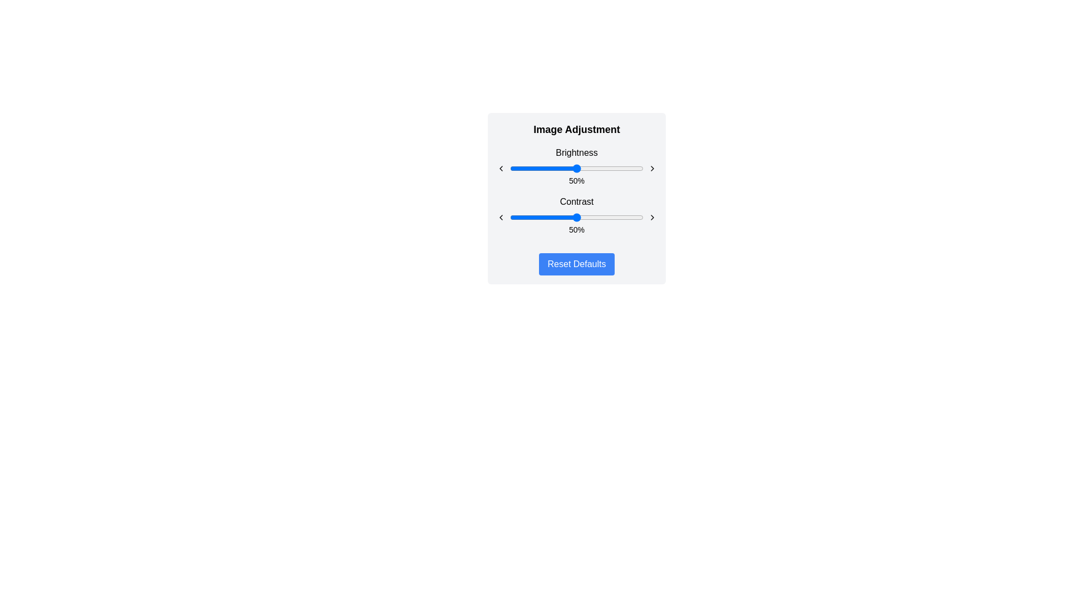  What do you see at coordinates (576, 264) in the screenshot?
I see `the blue 'Reset Defaults' button with white text, located at the bottom of the 'Image Adjustment' section, to reset settings` at bounding box center [576, 264].